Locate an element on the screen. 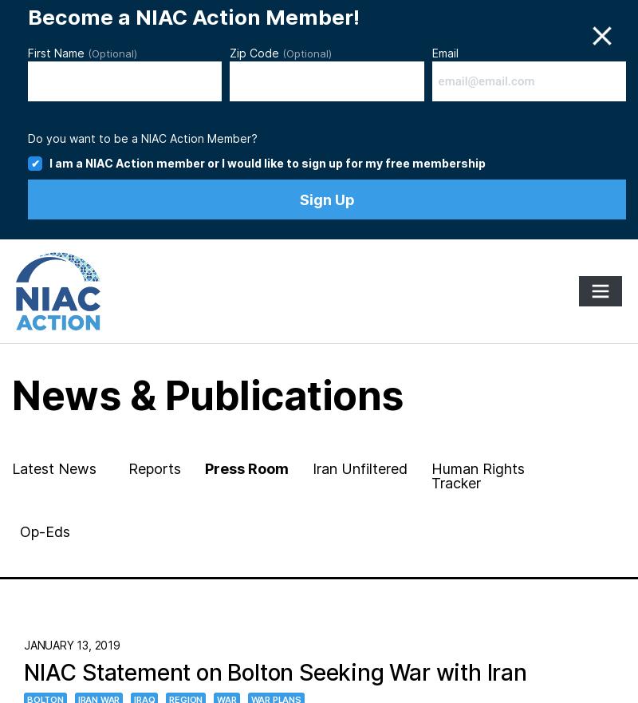  'Email' is located at coordinates (444, 53).